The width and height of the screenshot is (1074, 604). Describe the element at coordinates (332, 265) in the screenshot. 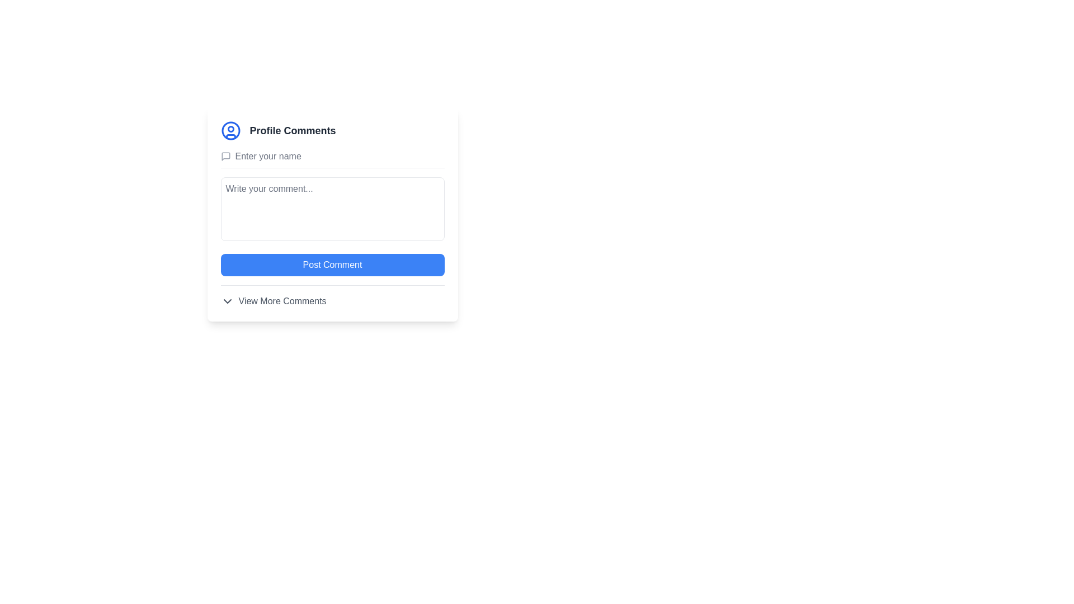

I see `the 'Post Comment' button, which is a horizontally elongated rectangular button with a blue background and white text` at that location.